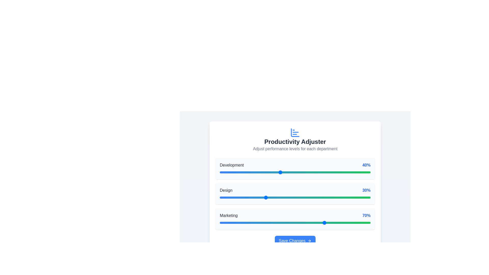  Describe the element at coordinates (366, 216) in the screenshot. I see `the Text Label displaying '70%' in bold and blue font located at the top-right corner of the 'Marketing' section` at that location.